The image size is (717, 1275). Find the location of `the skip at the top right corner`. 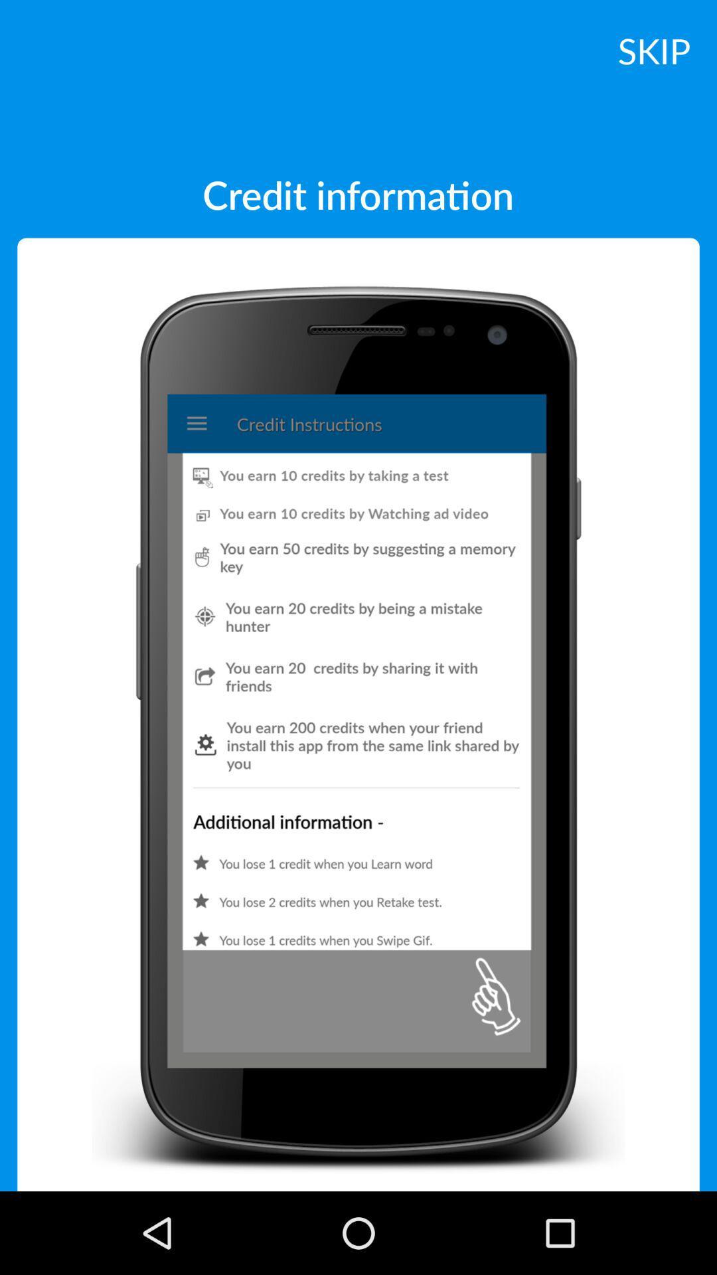

the skip at the top right corner is located at coordinates (653, 50).